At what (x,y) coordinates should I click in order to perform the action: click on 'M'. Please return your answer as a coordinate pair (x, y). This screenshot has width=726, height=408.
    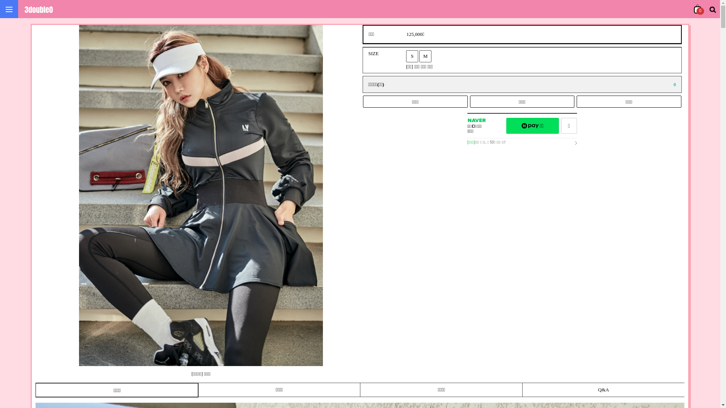
    Looking at the image, I should click on (425, 56).